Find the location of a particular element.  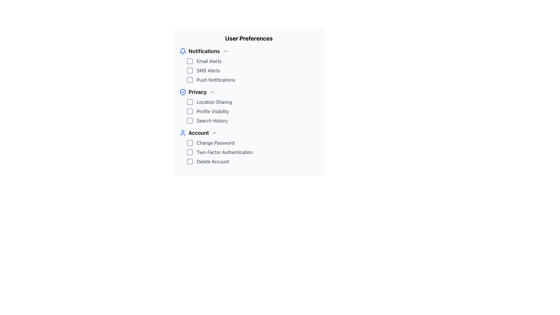

the interactive checkbox for the 'Search History' option in the 'Privacy' section of the 'User Preferences' interface is located at coordinates (190, 120).